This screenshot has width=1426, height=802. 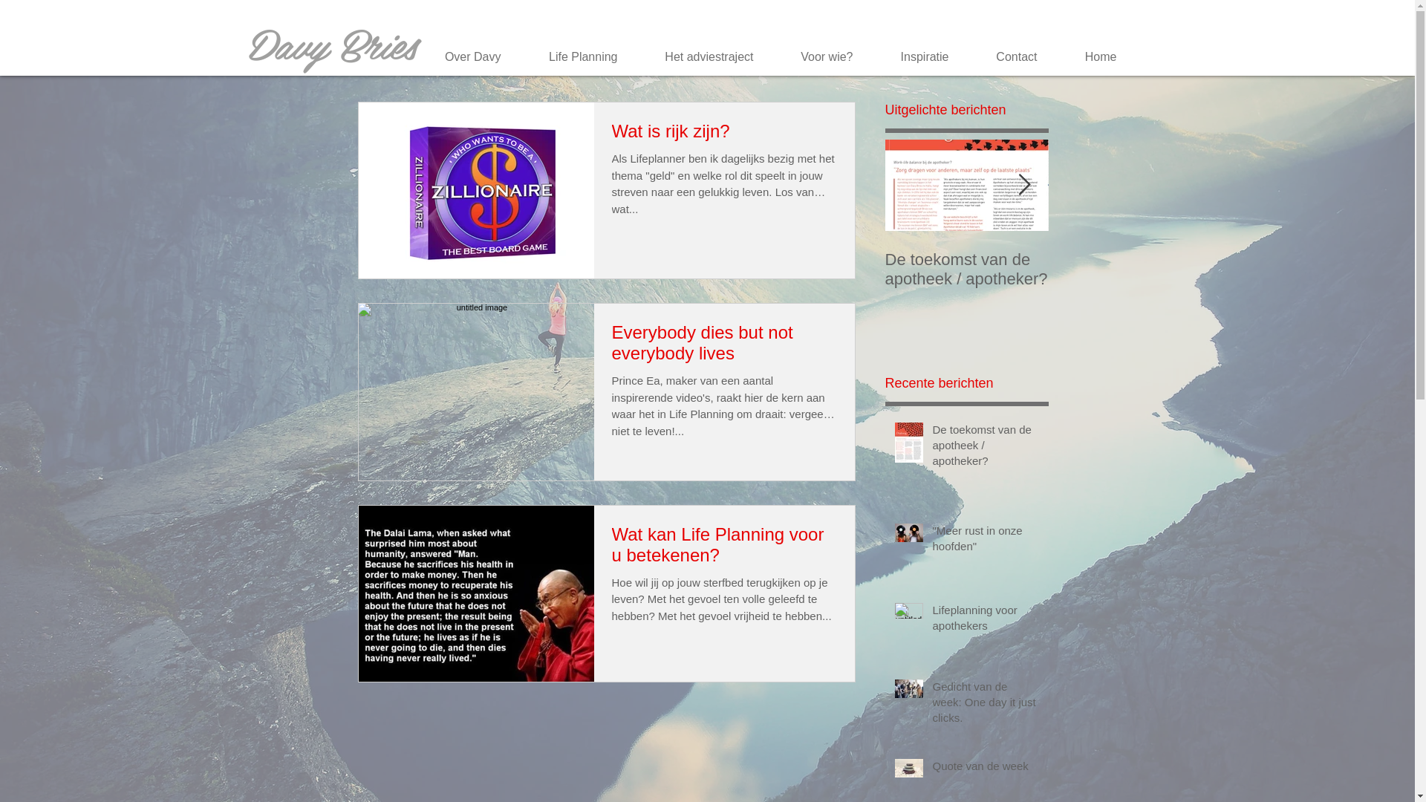 I want to click on 'Over Davy', so click(x=463, y=56).